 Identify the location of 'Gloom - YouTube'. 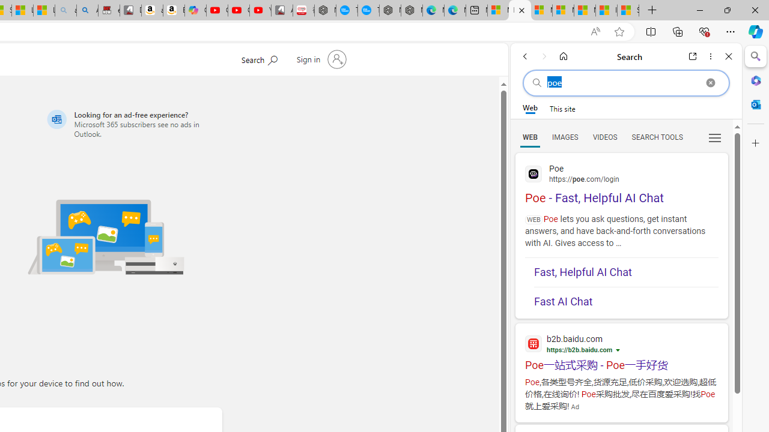
(239, 10).